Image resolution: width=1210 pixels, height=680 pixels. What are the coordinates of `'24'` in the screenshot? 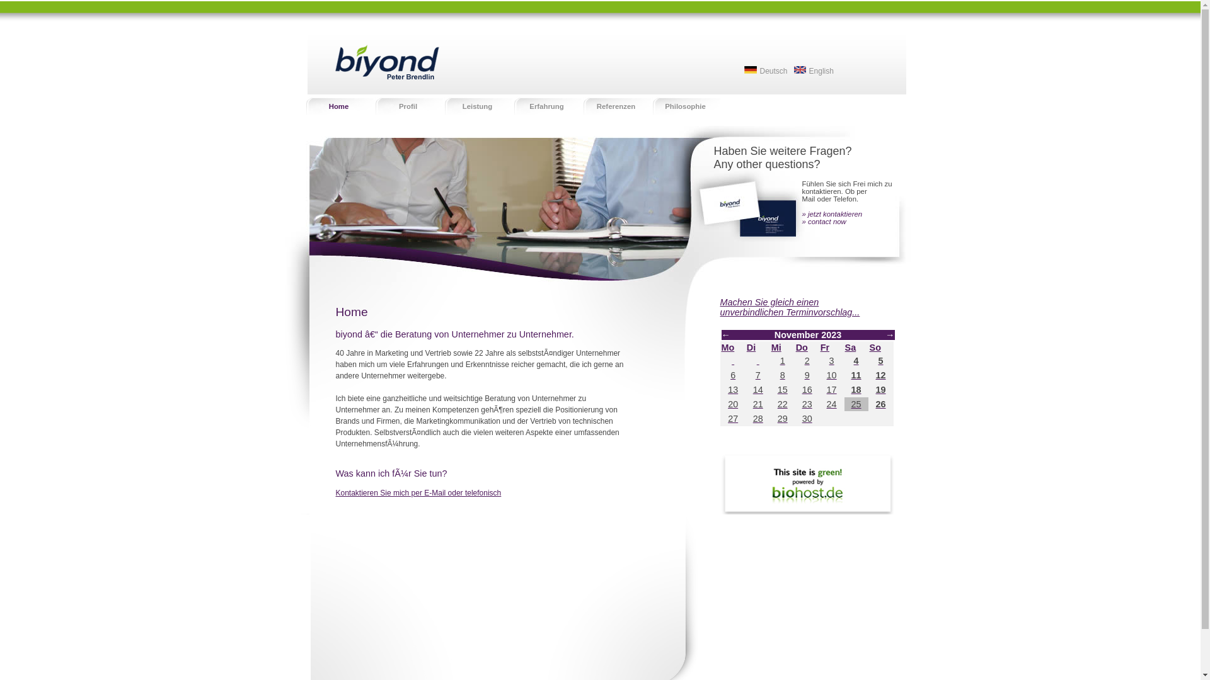 It's located at (832, 404).